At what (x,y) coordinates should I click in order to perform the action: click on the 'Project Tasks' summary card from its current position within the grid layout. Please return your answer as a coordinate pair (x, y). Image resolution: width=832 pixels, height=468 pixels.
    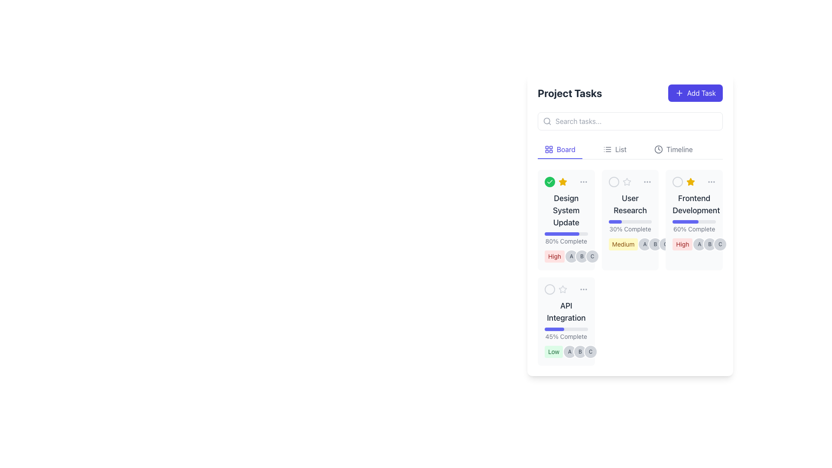
    Looking at the image, I should click on (566, 220).